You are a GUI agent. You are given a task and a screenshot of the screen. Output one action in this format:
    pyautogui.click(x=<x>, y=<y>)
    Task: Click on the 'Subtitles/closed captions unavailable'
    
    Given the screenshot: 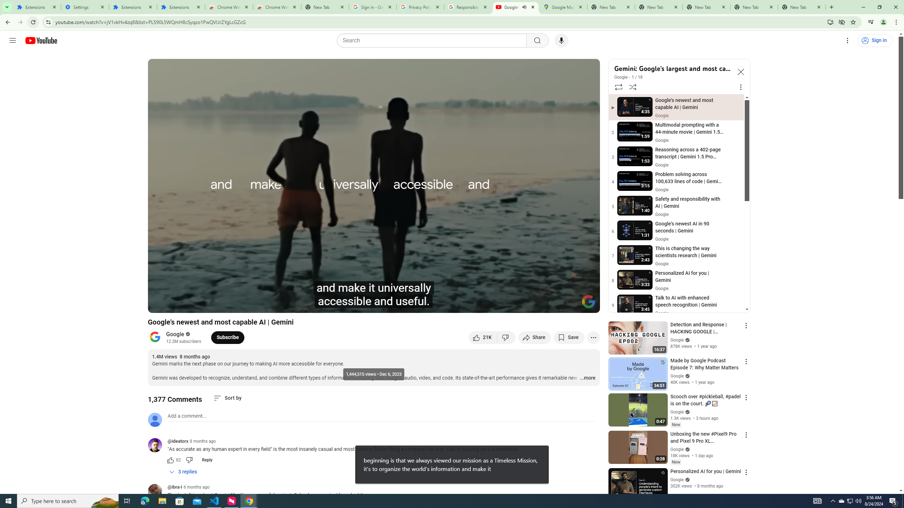 What is the action you would take?
    pyautogui.click(x=519, y=304)
    